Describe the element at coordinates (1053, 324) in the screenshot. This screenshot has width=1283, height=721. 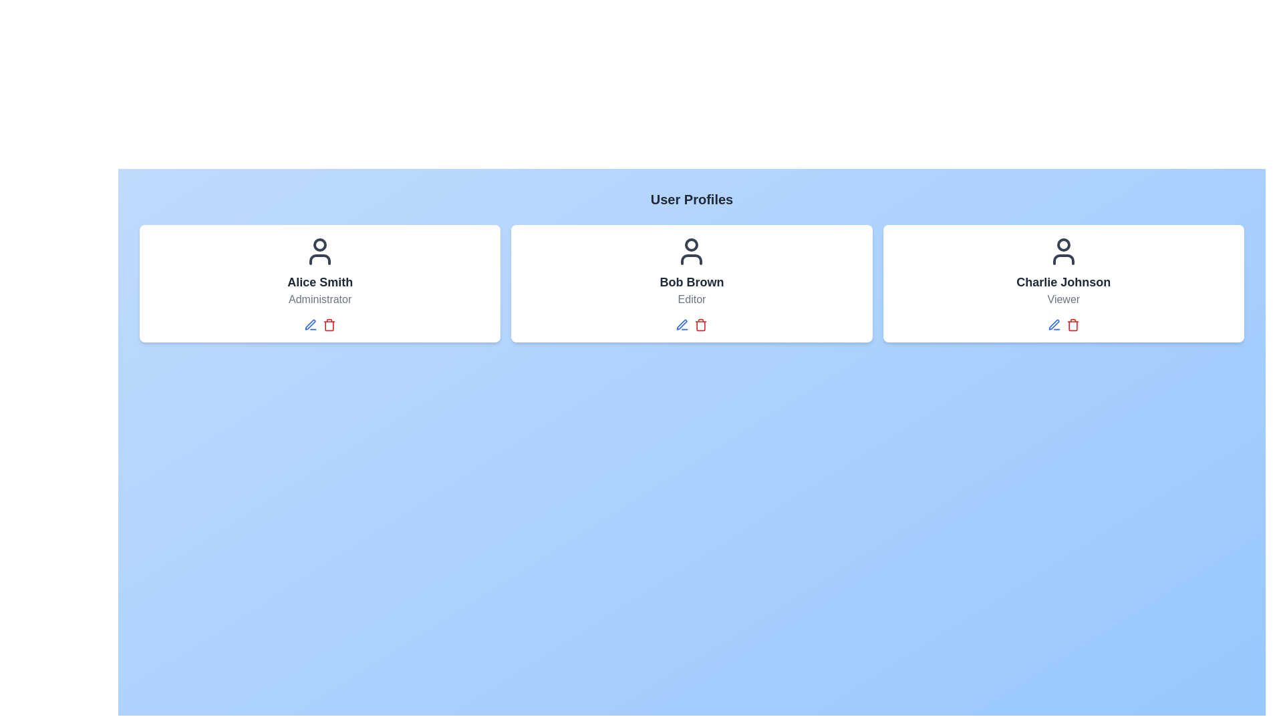
I see `the blue-themed pencil icon button used for editing functionalities located in the third user card from the left, adjacent to the red trash bin icon` at that location.